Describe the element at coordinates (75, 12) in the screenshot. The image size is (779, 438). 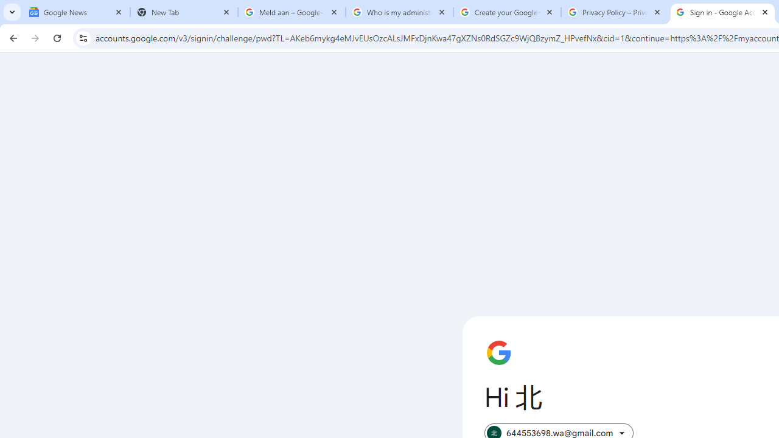
I see `'Google News'` at that location.